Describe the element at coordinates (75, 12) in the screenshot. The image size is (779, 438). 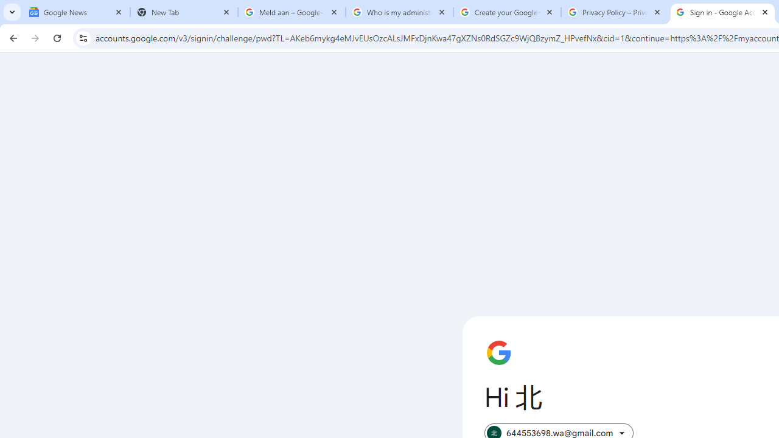
I see `'Google News'` at that location.